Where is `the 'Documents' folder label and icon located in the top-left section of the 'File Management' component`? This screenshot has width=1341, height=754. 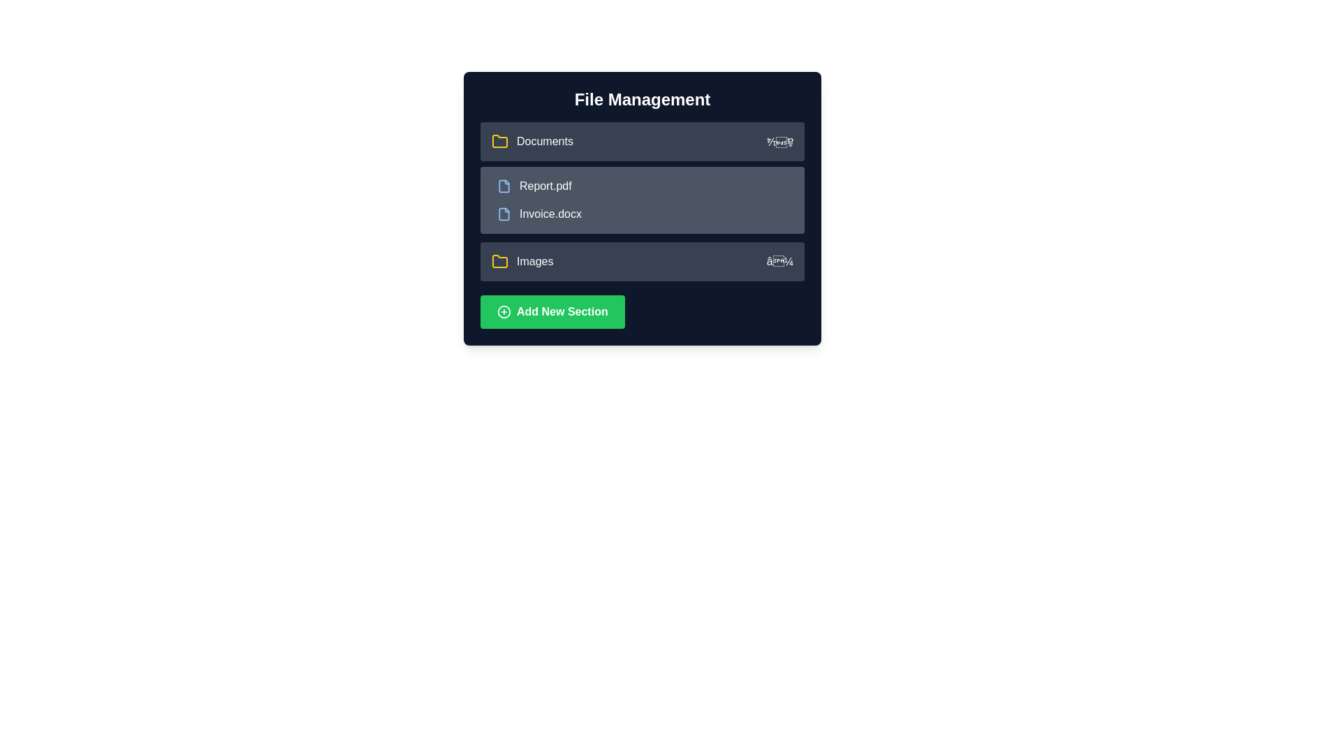 the 'Documents' folder label and icon located in the top-left section of the 'File Management' component is located at coordinates (532, 142).